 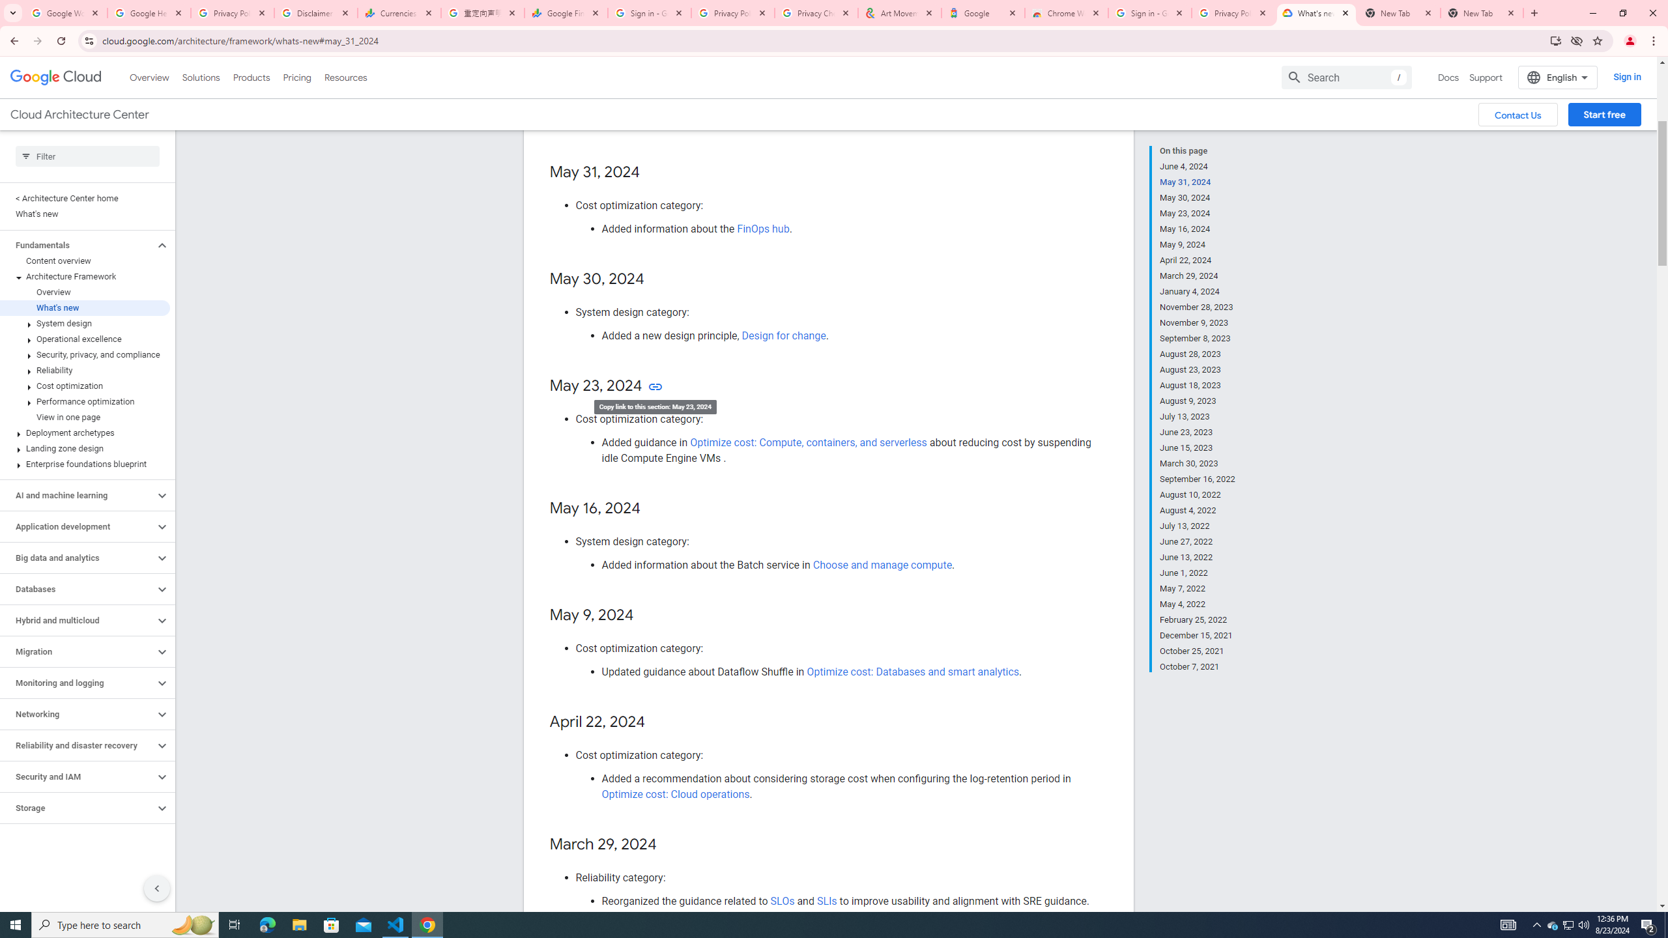 I want to click on 'Google', so click(x=983, y=12).